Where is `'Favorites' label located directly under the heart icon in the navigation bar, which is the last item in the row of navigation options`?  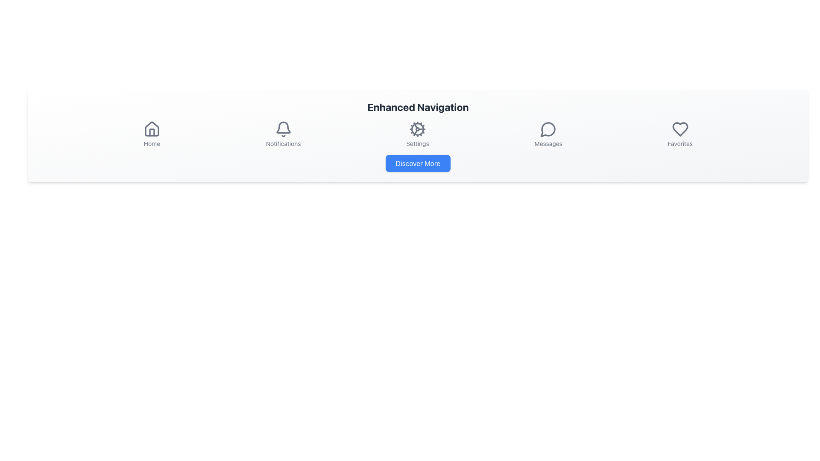 'Favorites' label located directly under the heart icon in the navigation bar, which is the last item in the row of navigation options is located at coordinates (679, 143).